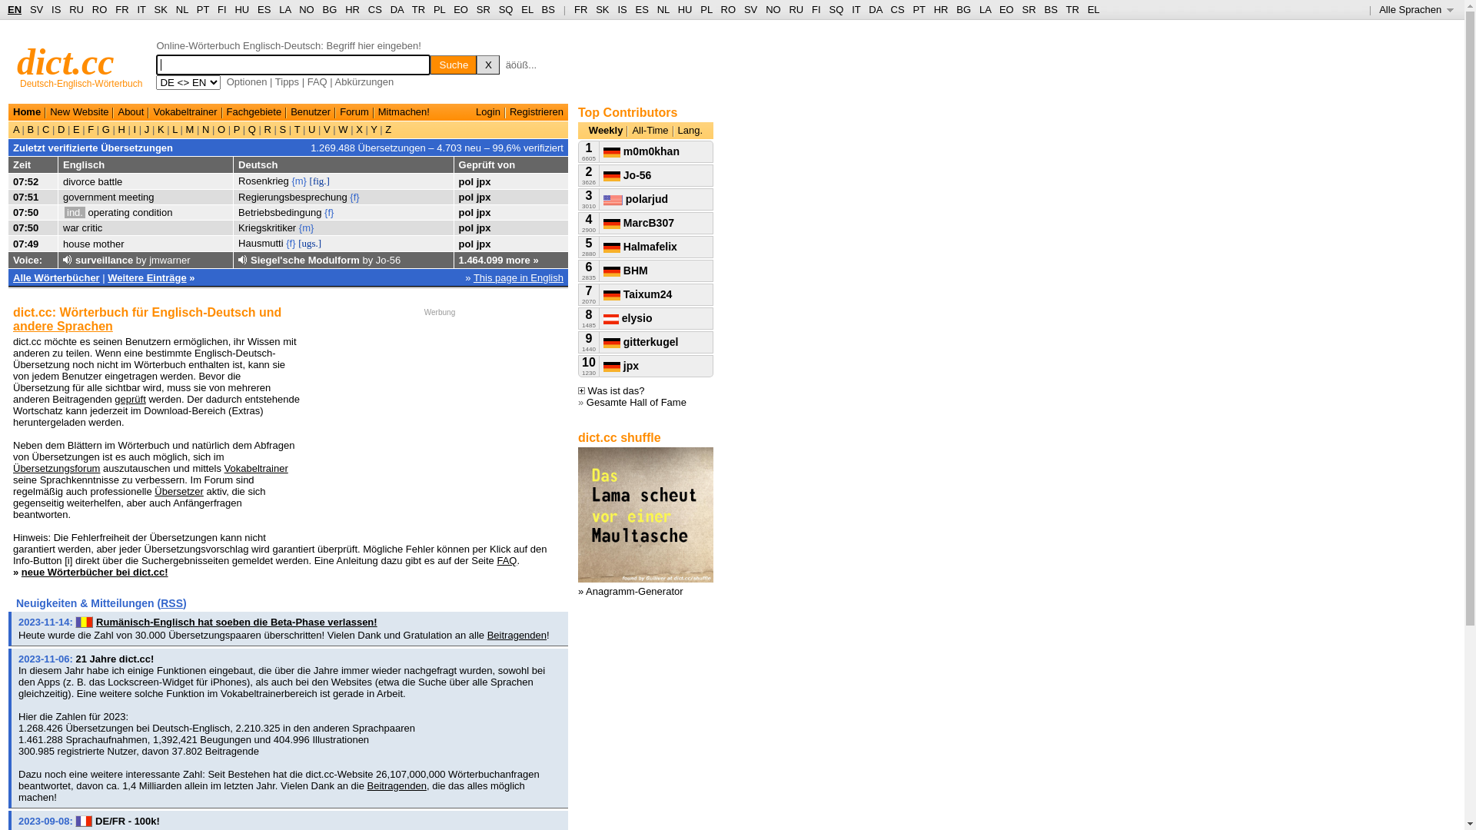 This screenshot has width=1476, height=830. Describe the element at coordinates (487, 111) in the screenshot. I see `'Login'` at that location.